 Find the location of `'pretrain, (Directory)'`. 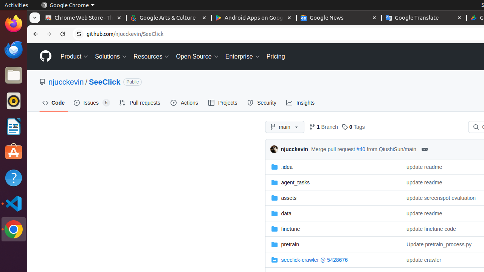

'pretrain, (Directory)' is located at coordinates (289, 244).